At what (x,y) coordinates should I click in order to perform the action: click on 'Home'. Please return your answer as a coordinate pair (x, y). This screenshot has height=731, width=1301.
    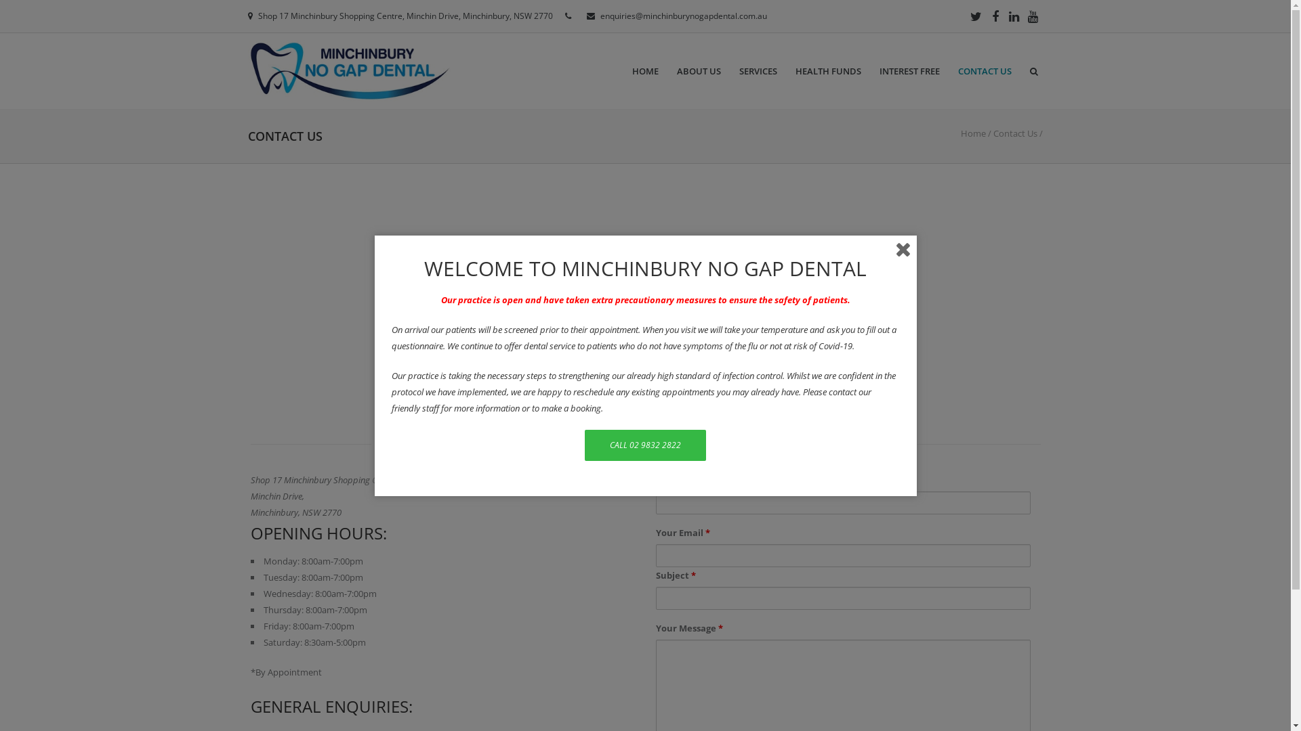
    Looking at the image, I should click on (972, 133).